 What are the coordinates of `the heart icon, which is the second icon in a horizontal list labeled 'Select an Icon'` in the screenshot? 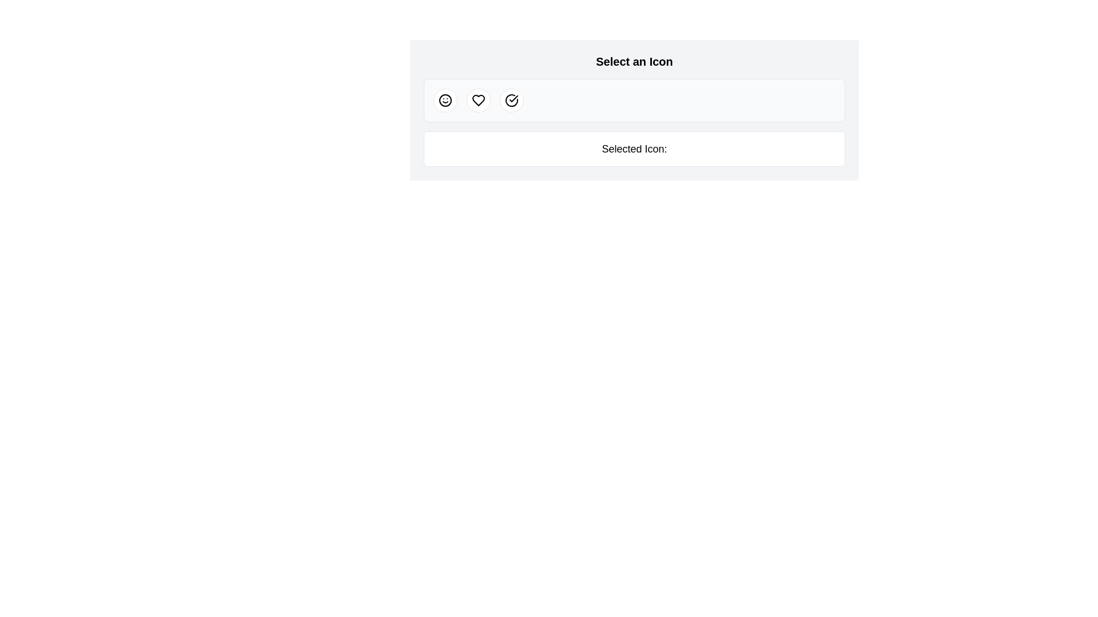 It's located at (478, 100).